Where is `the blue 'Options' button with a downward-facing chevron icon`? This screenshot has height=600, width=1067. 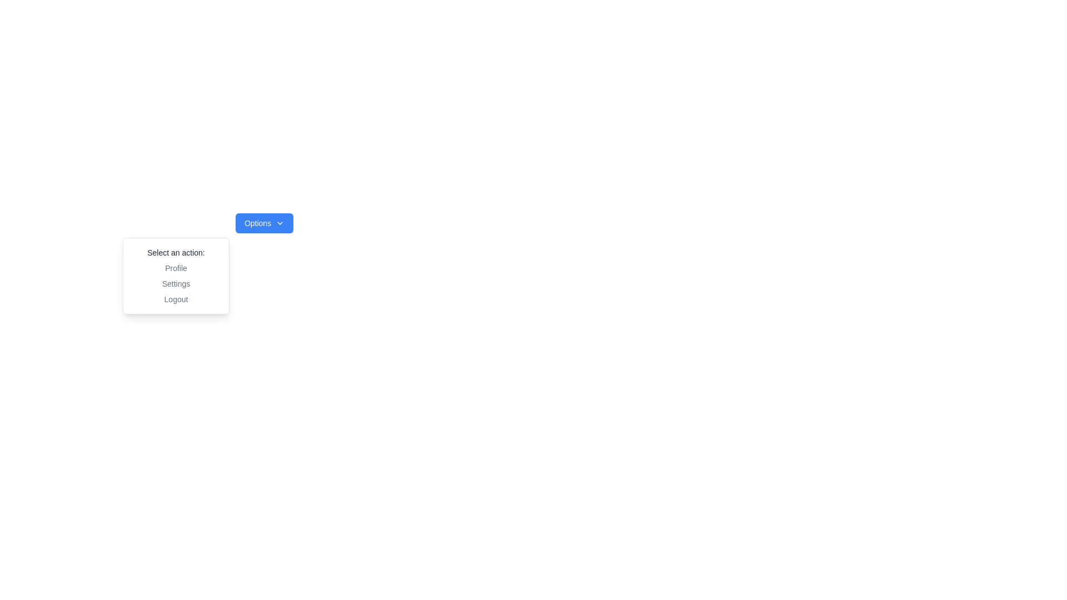
the blue 'Options' button with a downward-facing chevron icon is located at coordinates (263, 223).